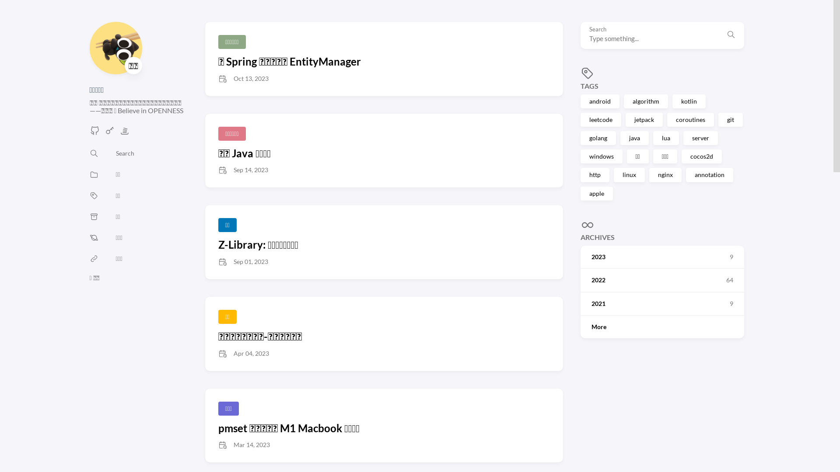 This screenshot has width=840, height=472. I want to click on 'annotation', so click(710, 175).